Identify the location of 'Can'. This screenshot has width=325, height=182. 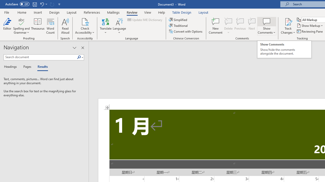
(52, 4).